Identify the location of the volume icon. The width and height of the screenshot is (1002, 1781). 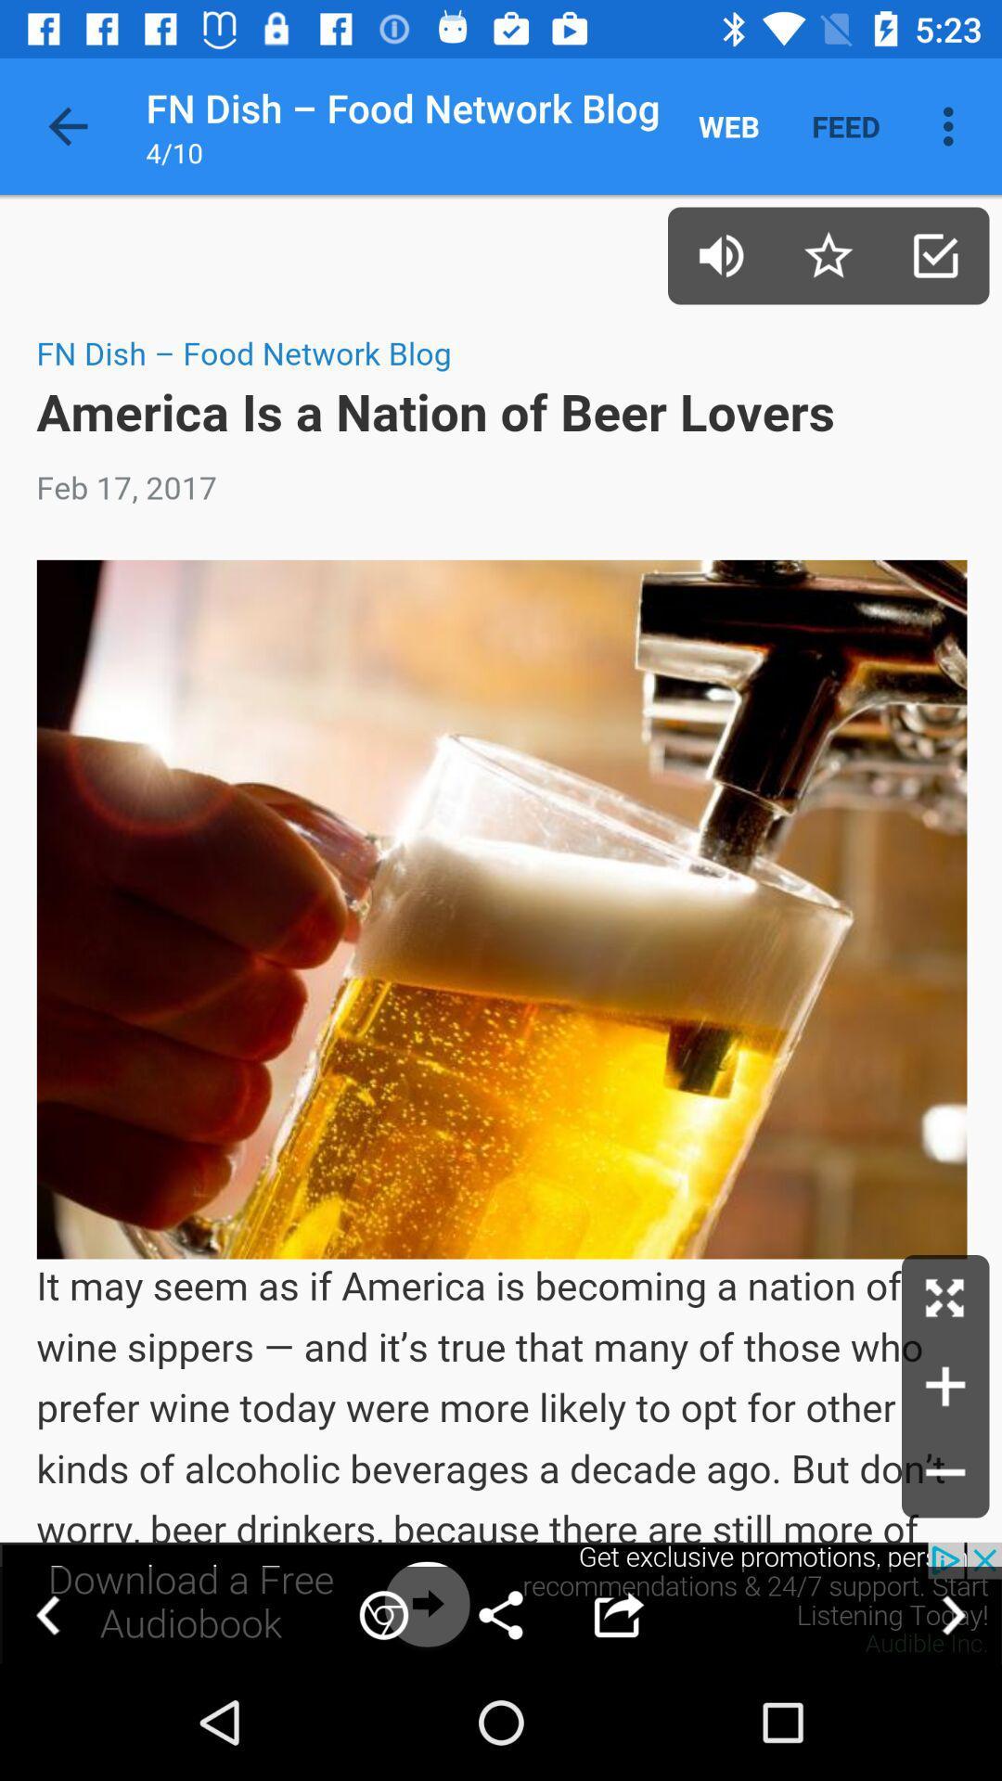
(720, 254).